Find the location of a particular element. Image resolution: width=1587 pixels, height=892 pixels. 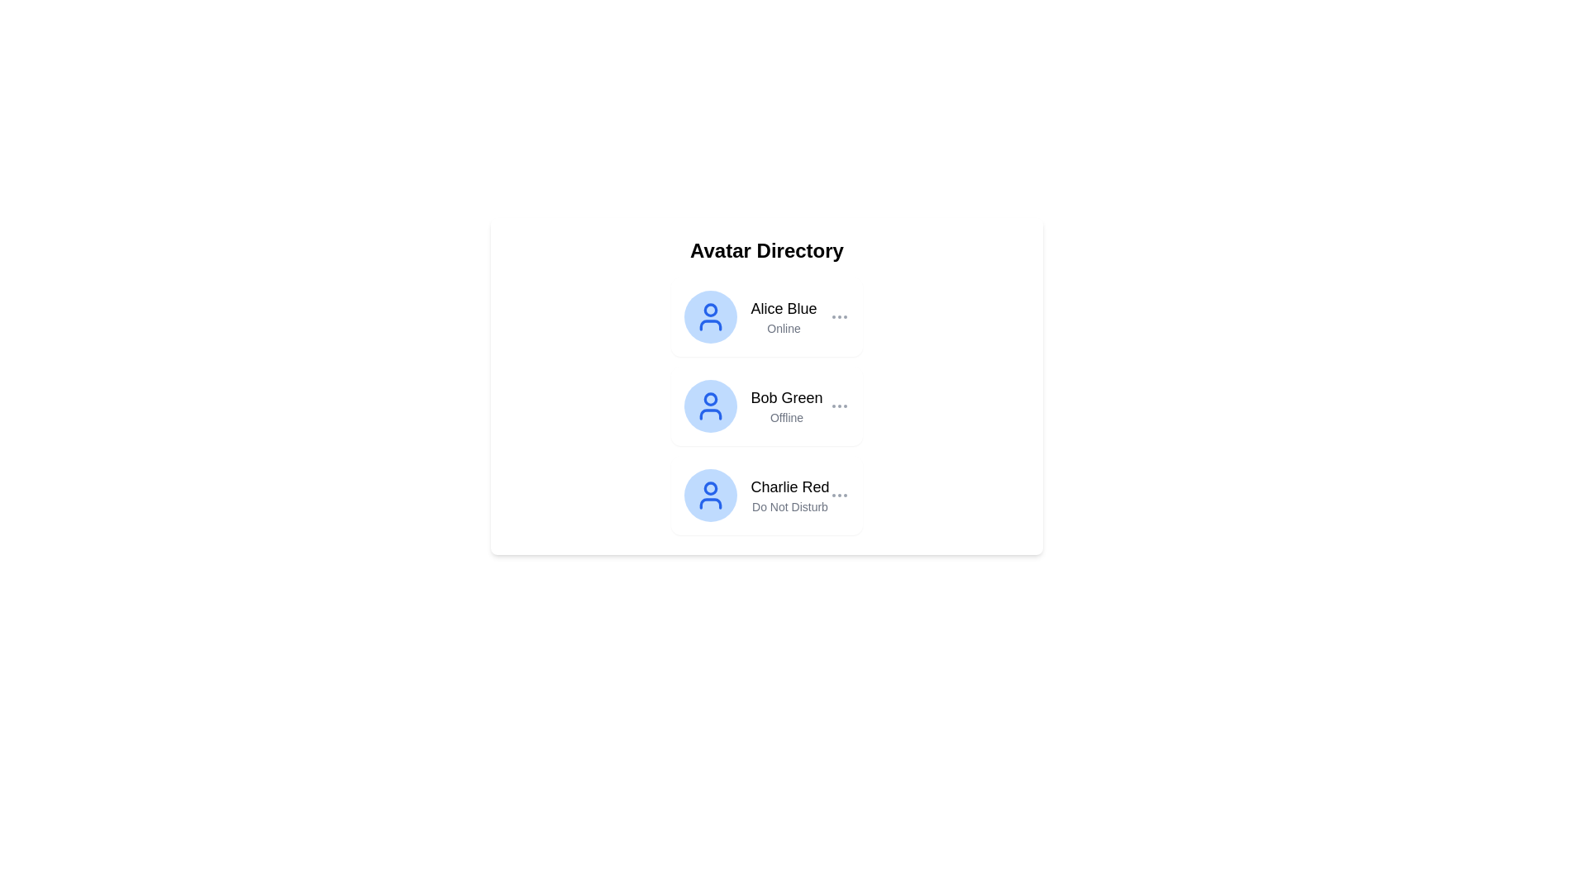

the text label displaying 'Online' located beneath the username 'Alice Blue' is located at coordinates (783, 328).